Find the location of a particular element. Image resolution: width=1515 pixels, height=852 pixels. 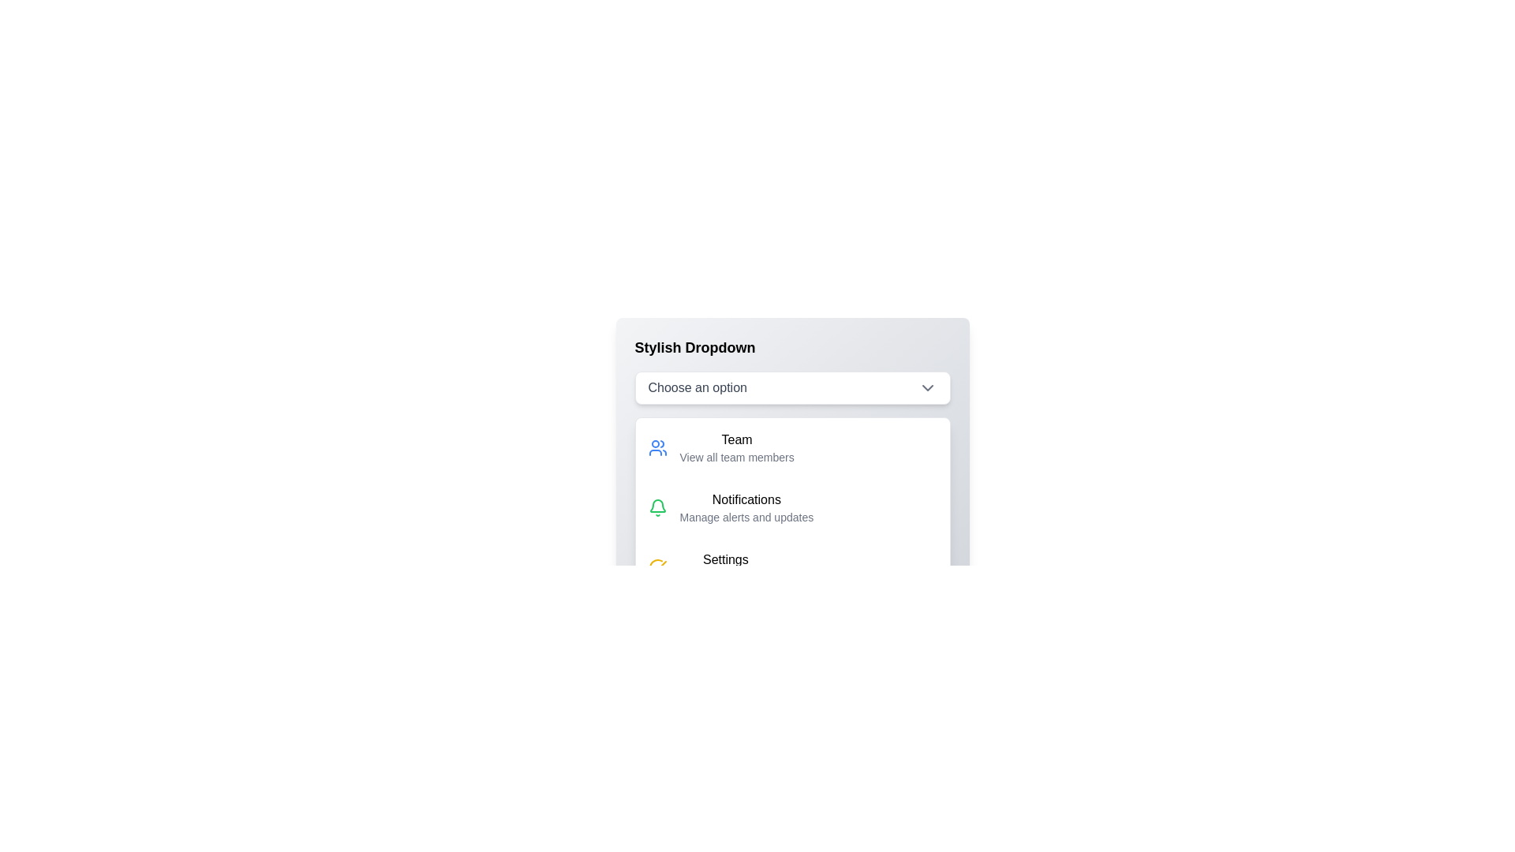

the dropdown menu titled 'Stylish Dropdown' is located at coordinates (792, 388).